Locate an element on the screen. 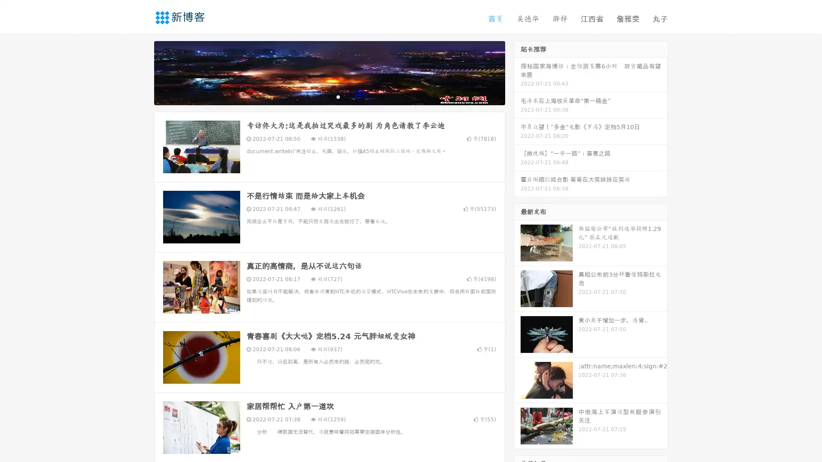 The height and width of the screenshot is (462, 822). Go to slide 1 is located at coordinates (320, 96).